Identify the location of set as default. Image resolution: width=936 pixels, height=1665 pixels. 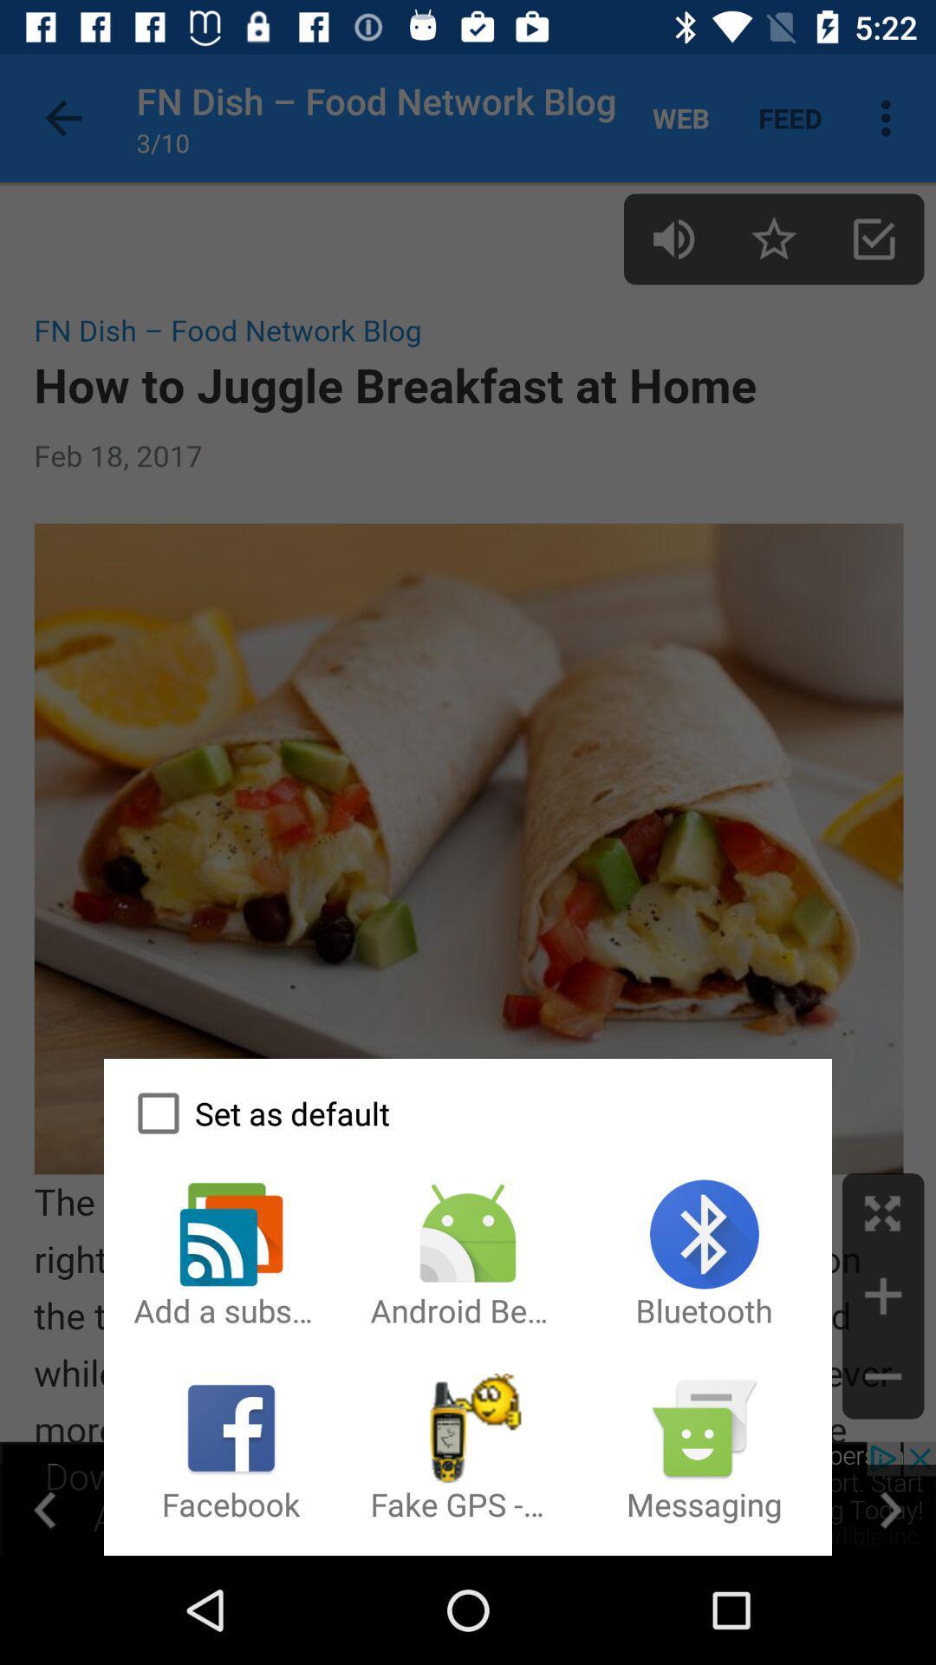
(468, 1113).